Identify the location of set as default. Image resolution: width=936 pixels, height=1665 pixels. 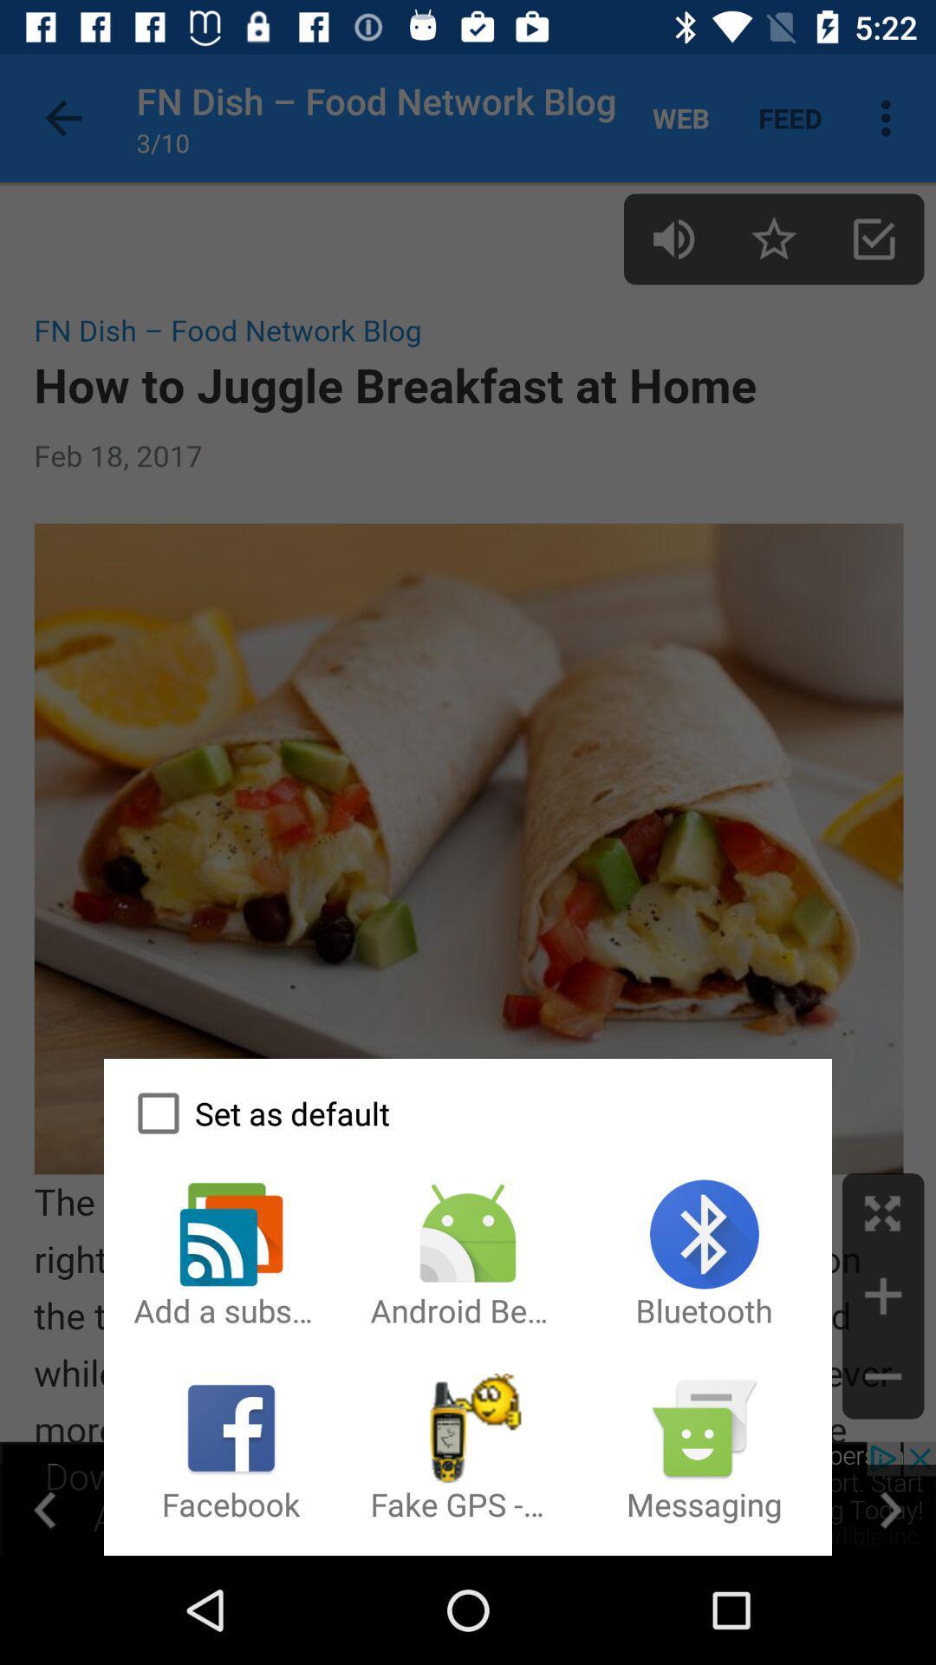
(468, 1113).